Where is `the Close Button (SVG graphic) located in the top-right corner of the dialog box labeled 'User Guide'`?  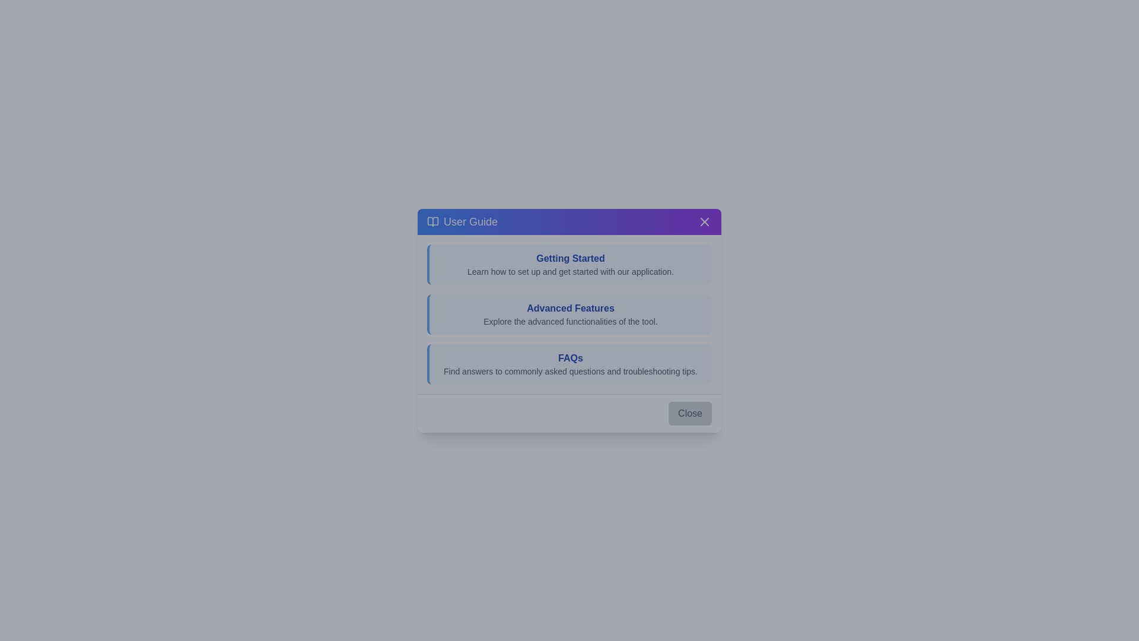
the Close Button (SVG graphic) located in the top-right corner of the dialog box labeled 'User Guide' is located at coordinates (705, 221).